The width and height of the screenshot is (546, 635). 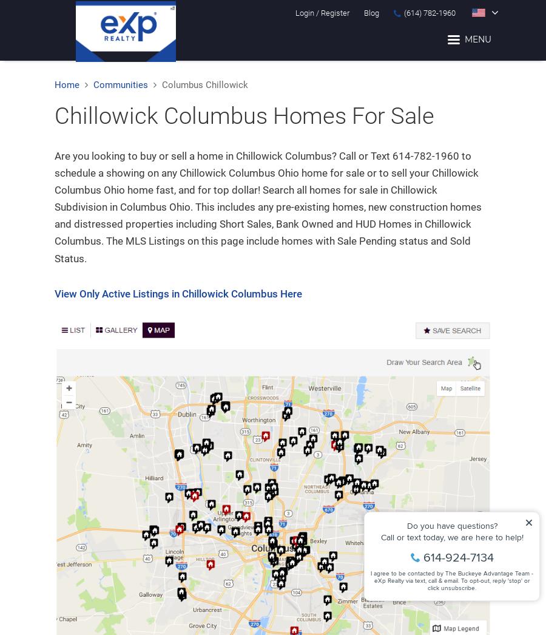 I want to click on '(614) 782-1960', so click(x=429, y=12).